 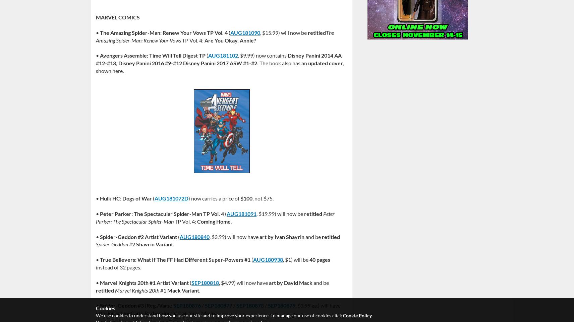 I want to click on 'SEP180876', so click(x=186, y=305).